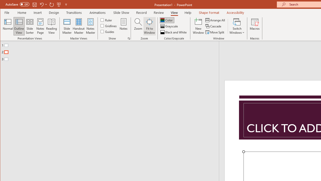  What do you see at coordinates (124, 26) in the screenshot?
I see `'Notes'` at bounding box center [124, 26].